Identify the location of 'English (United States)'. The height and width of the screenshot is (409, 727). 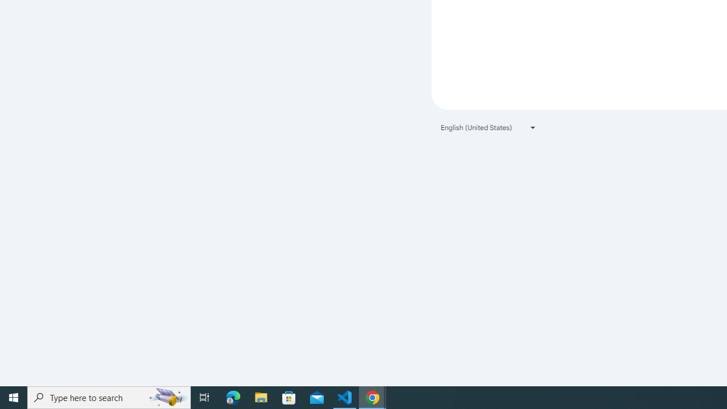
(488, 127).